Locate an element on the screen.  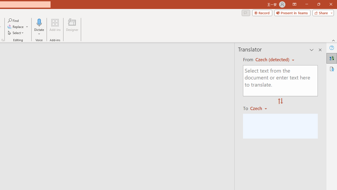
'Czech' is located at coordinates (261, 108).